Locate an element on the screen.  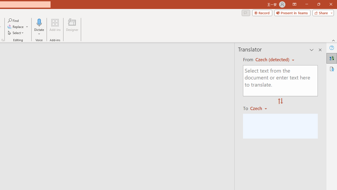
'Czech' is located at coordinates (261, 108).